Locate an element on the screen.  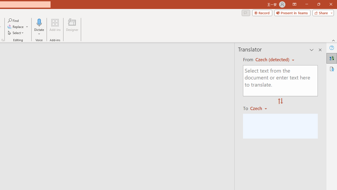
'Czech' is located at coordinates (261, 108).